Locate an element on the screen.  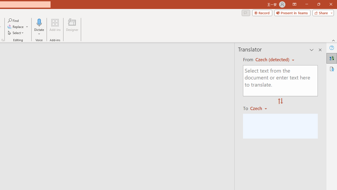
'Czech' is located at coordinates (261, 108).